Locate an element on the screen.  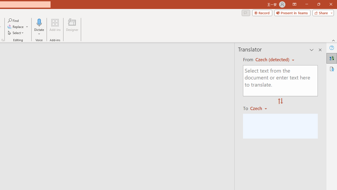
'Czech' is located at coordinates (261, 108).